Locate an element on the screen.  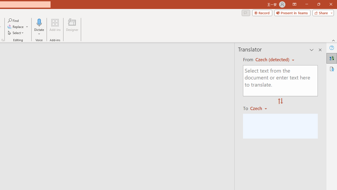
'Czech' is located at coordinates (261, 108).